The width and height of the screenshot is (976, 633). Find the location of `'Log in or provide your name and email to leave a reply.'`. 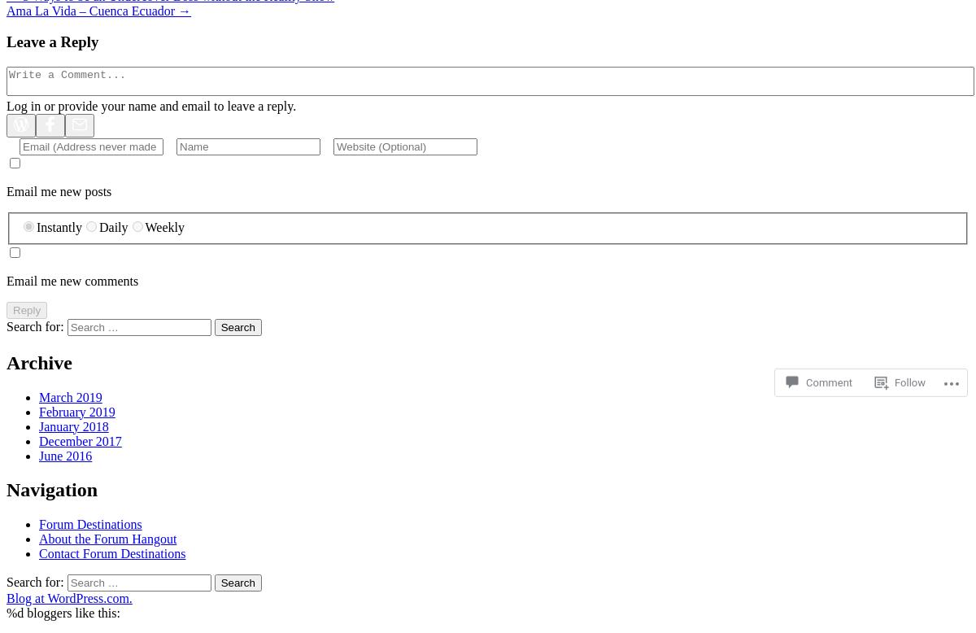

'Log in or provide your name and email to leave a reply.' is located at coordinates (150, 106).